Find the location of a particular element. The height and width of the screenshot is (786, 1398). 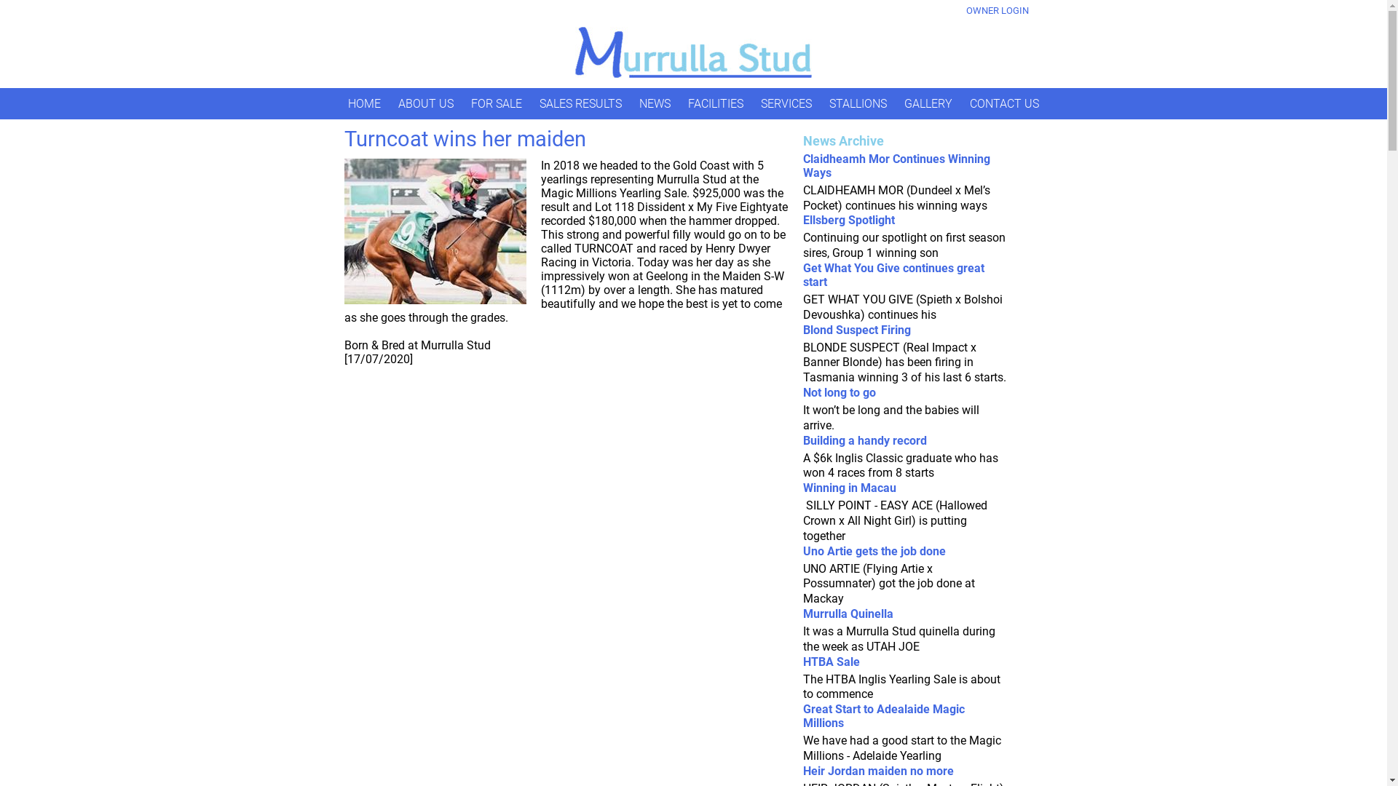

'Ellsberg Spotlight' is located at coordinates (848, 220).